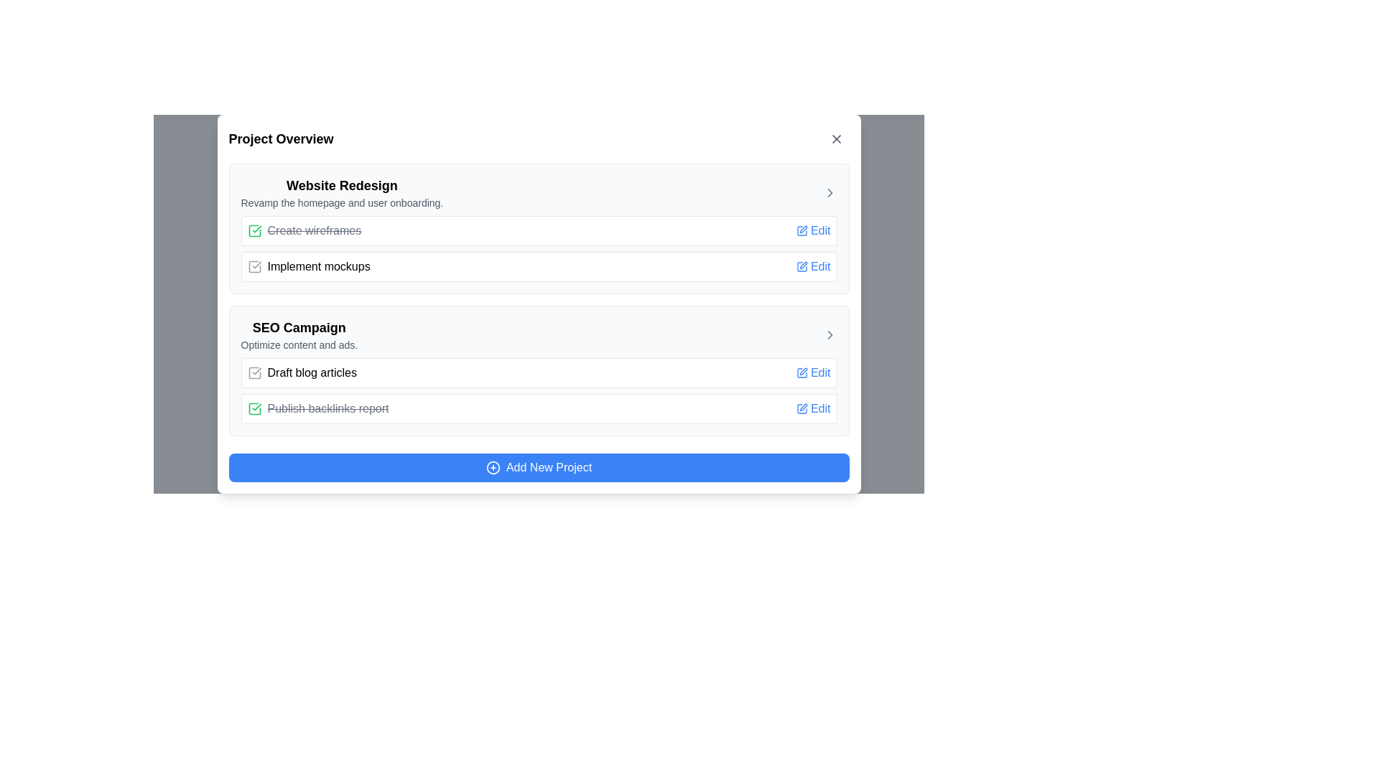 This screenshot has height=775, width=1379. Describe the element at coordinates (830, 334) in the screenshot. I see `the right-pointing chevron icon, which is gray and located in the far-right corner of the row associated with 'SEO Campaign'` at that location.